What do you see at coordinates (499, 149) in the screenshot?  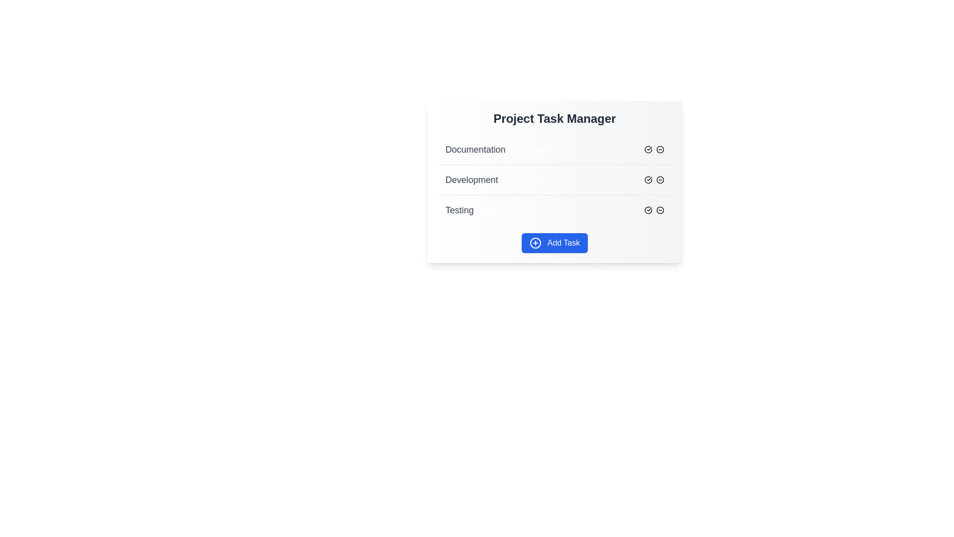 I see `the Composite text element displaying the task 'Documentation' and its status 'Completed' in the 'Project Task Manager' box` at bounding box center [499, 149].